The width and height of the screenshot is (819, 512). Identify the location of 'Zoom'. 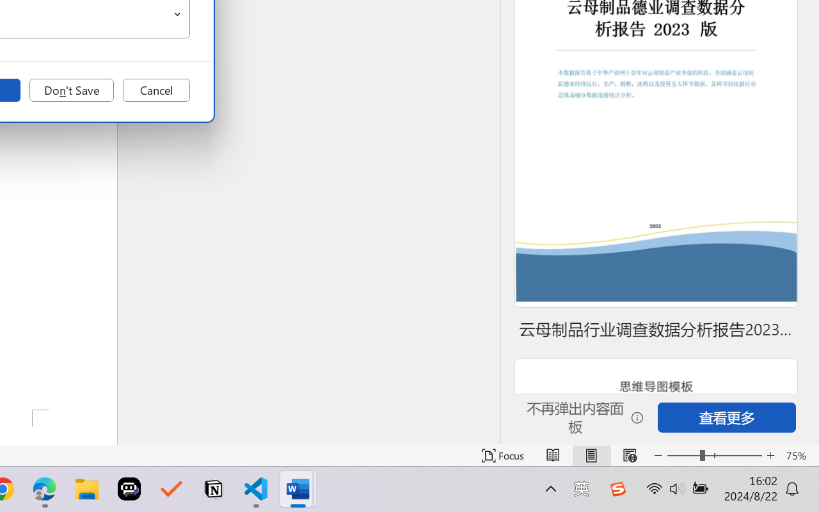
(713, 455).